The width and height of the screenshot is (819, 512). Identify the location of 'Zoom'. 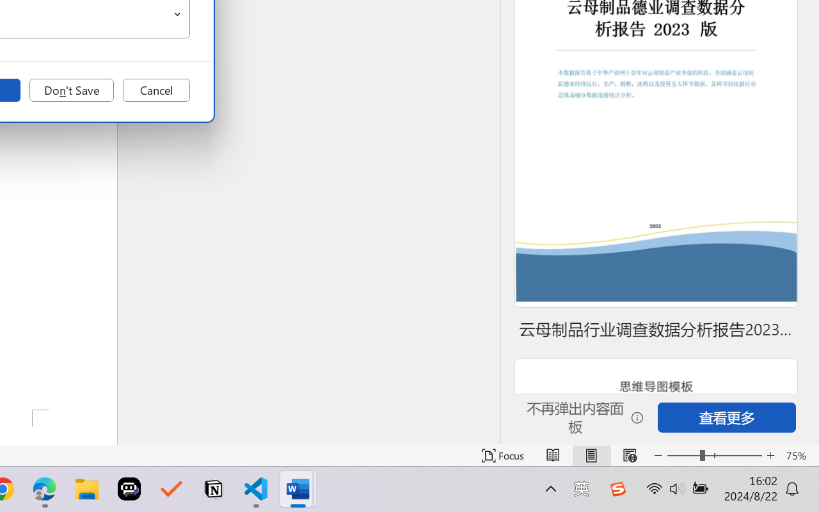
(713, 455).